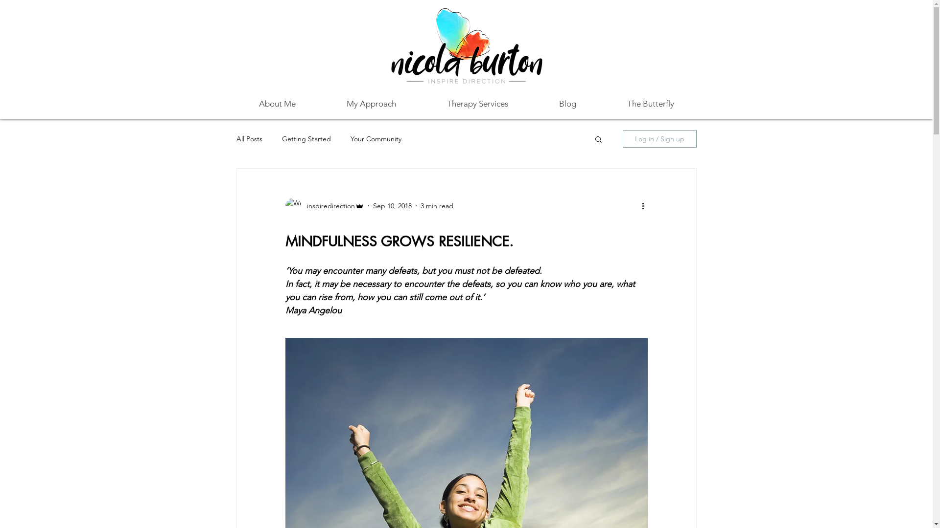 The width and height of the screenshot is (940, 528). Describe the element at coordinates (477, 104) in the screenshot. I see `'Therapy Services'` at that location.